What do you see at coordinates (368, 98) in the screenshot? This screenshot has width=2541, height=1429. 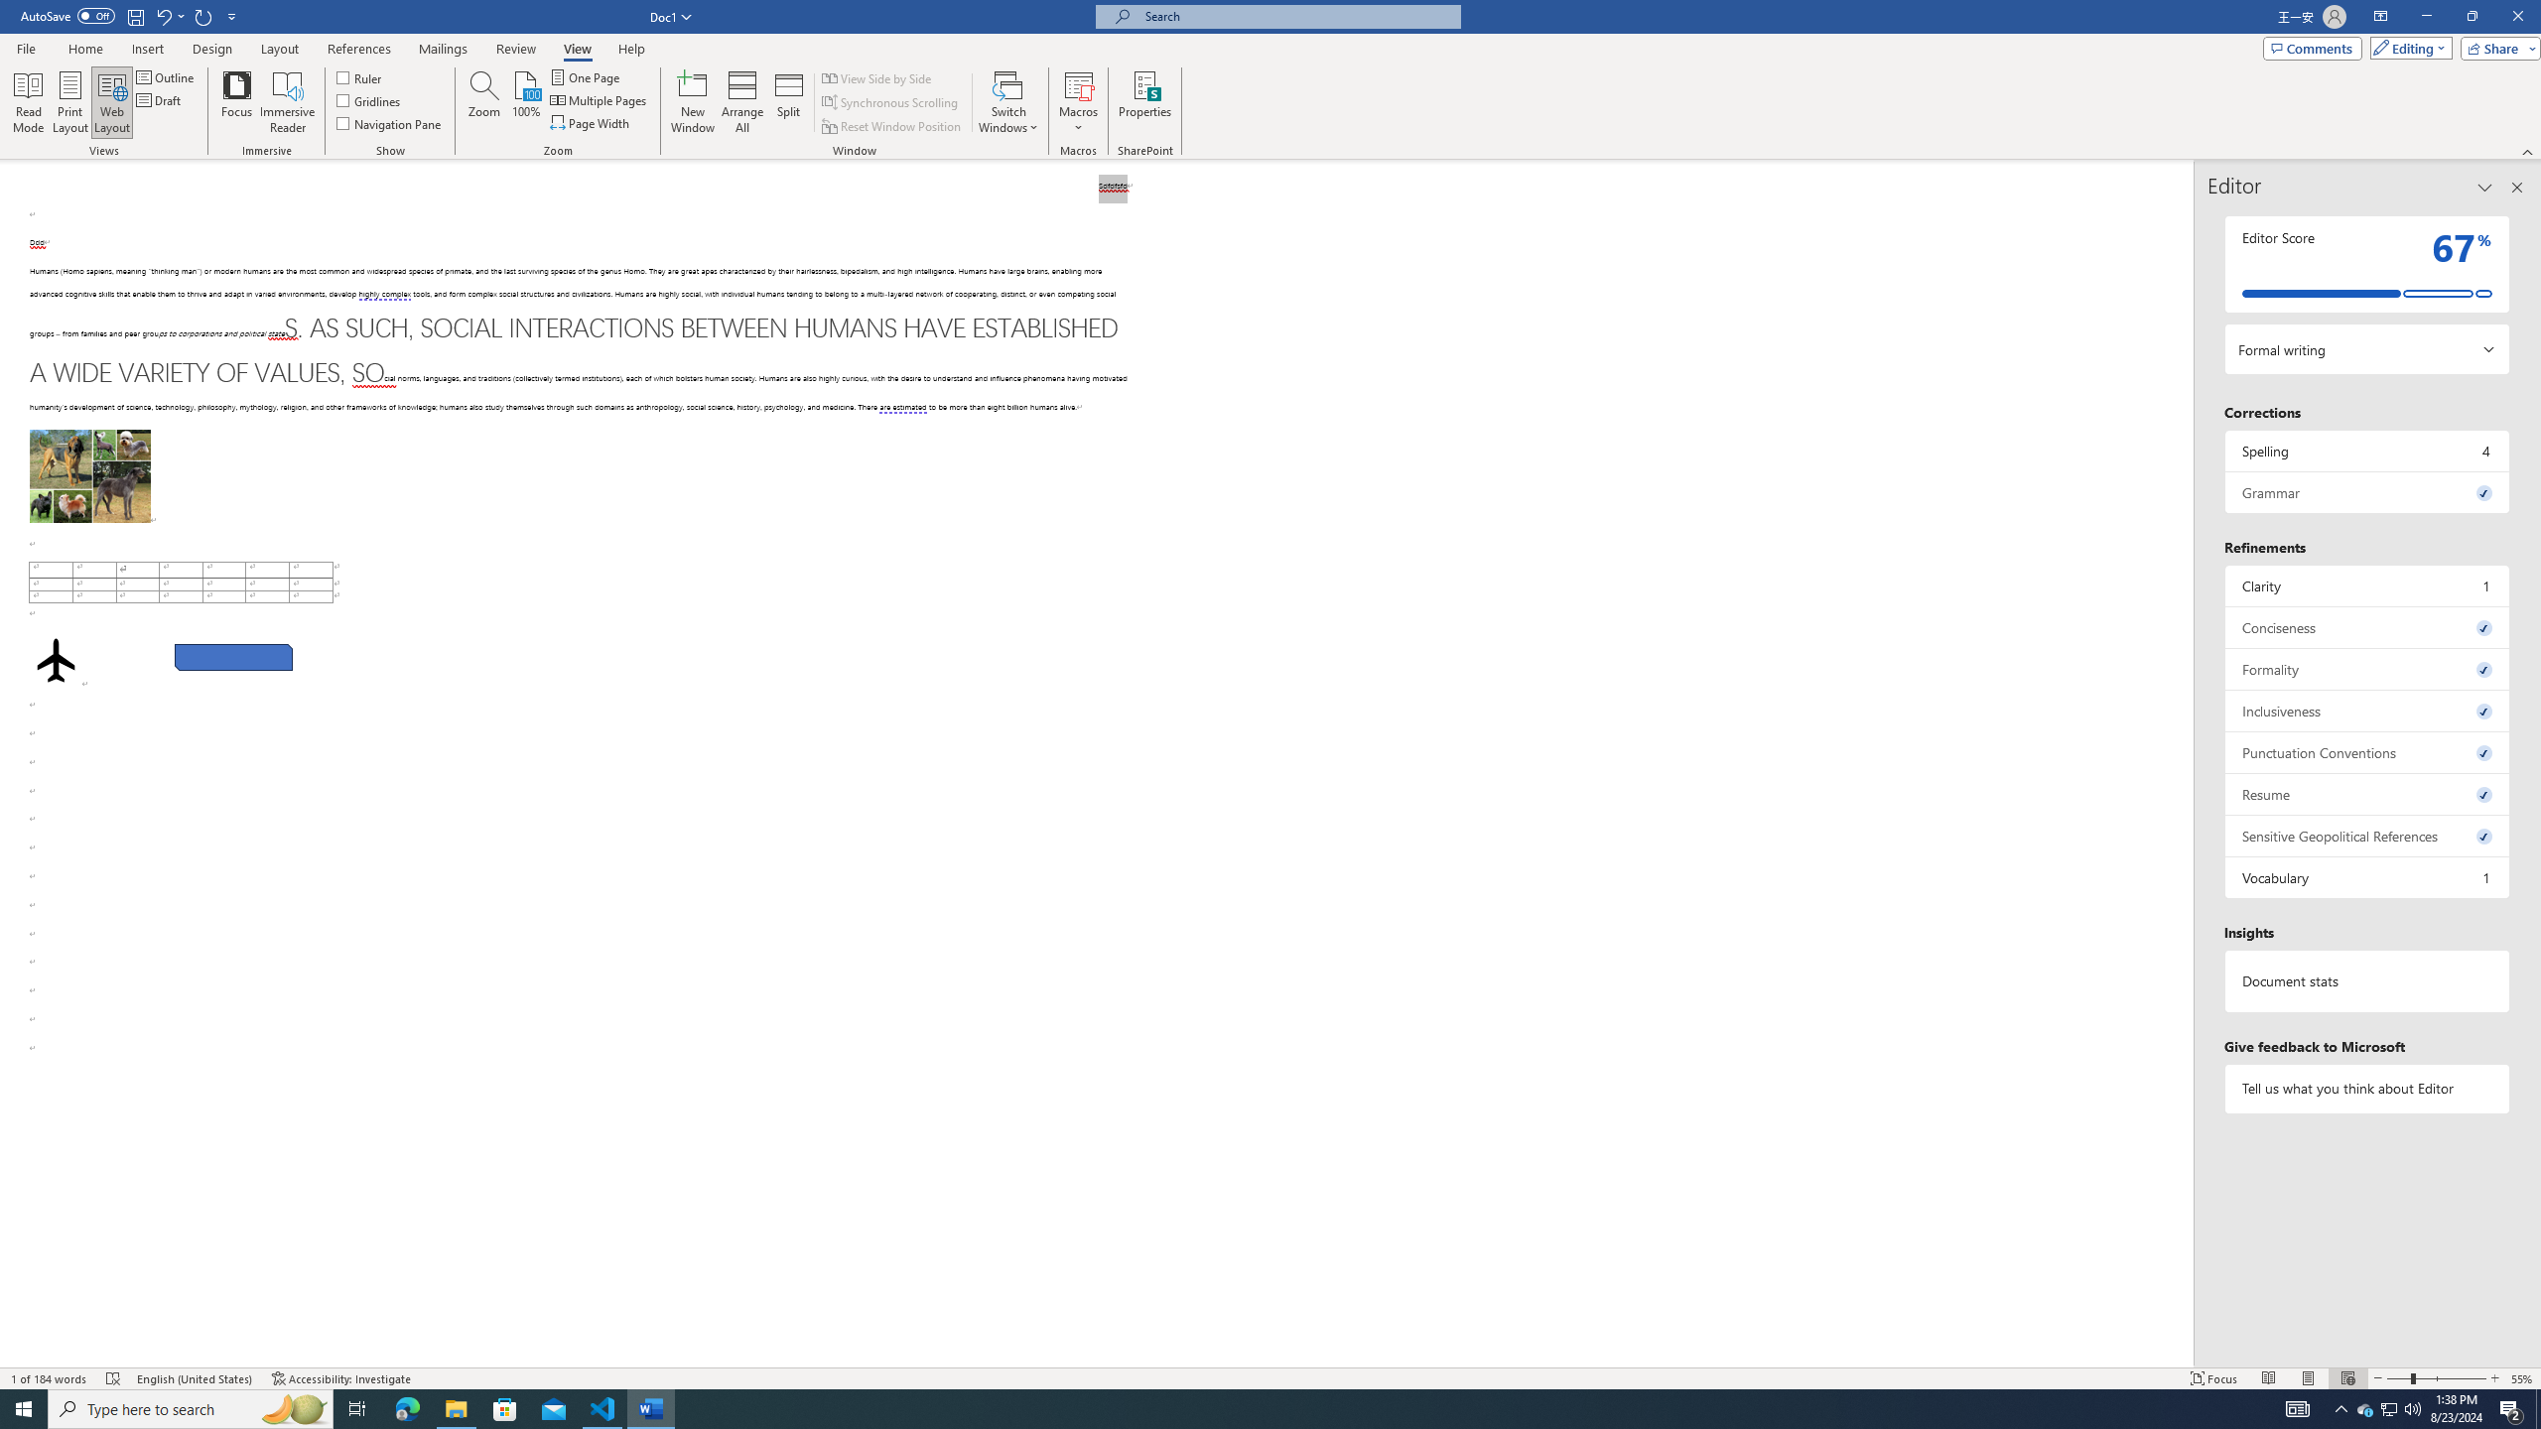 I see `'Gridlines'` at bounding box center [368, 98].